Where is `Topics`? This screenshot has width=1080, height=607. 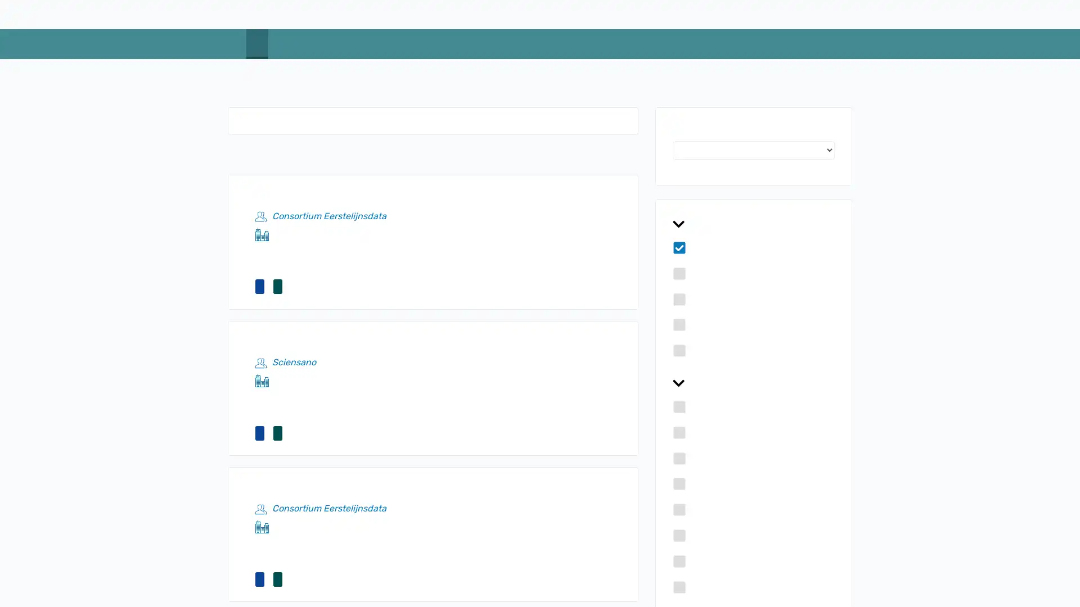 Topics is located at coordinates (753, 225).